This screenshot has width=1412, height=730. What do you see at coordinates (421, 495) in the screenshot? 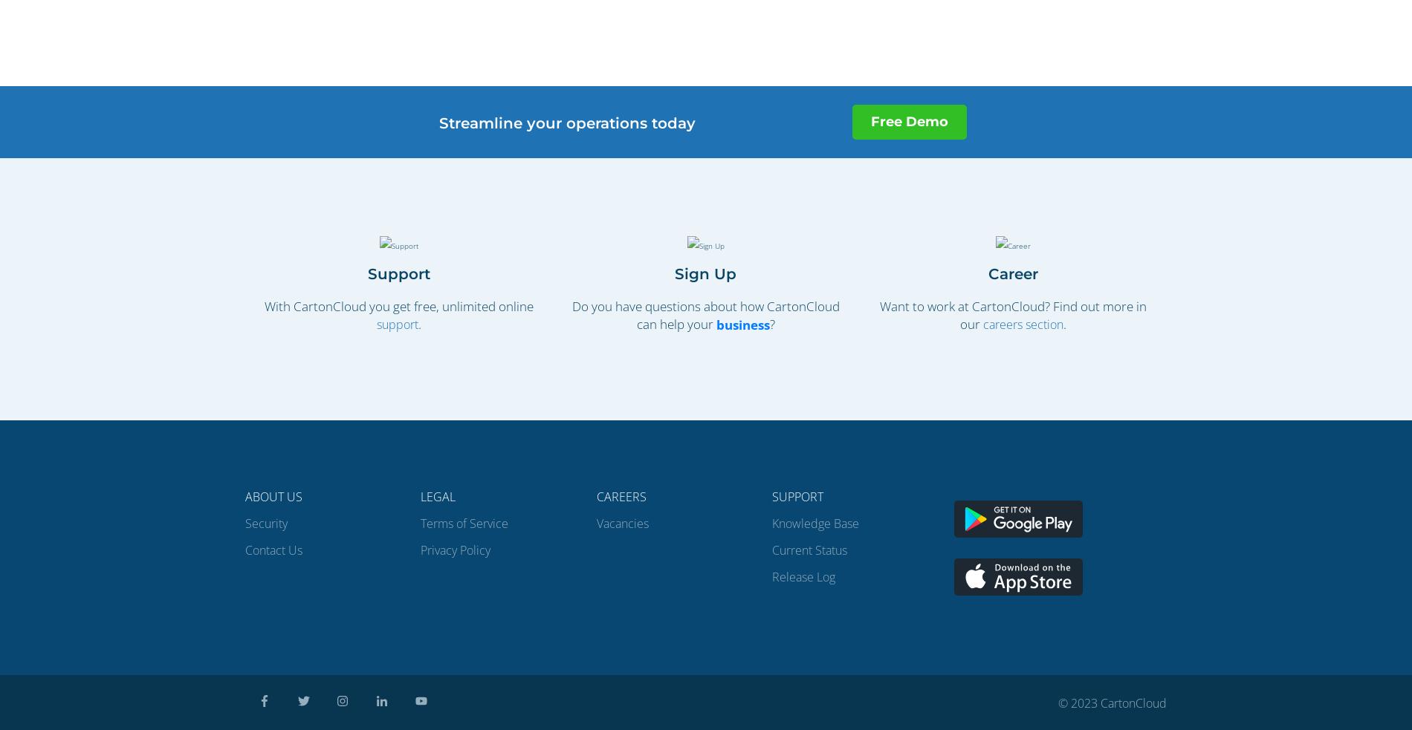
I see `'LEGAL'` at bounding box center [421, 495].